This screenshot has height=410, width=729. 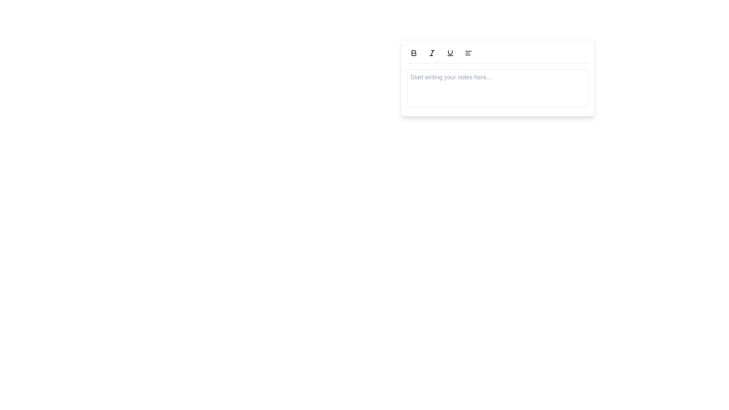 What do you see at coordinates (468, 52) in the screenshot?
I see `the left-alignment button, which is the fifth interactive item in a horizontal row of text formatting icons` at bounding box center [468, 52].